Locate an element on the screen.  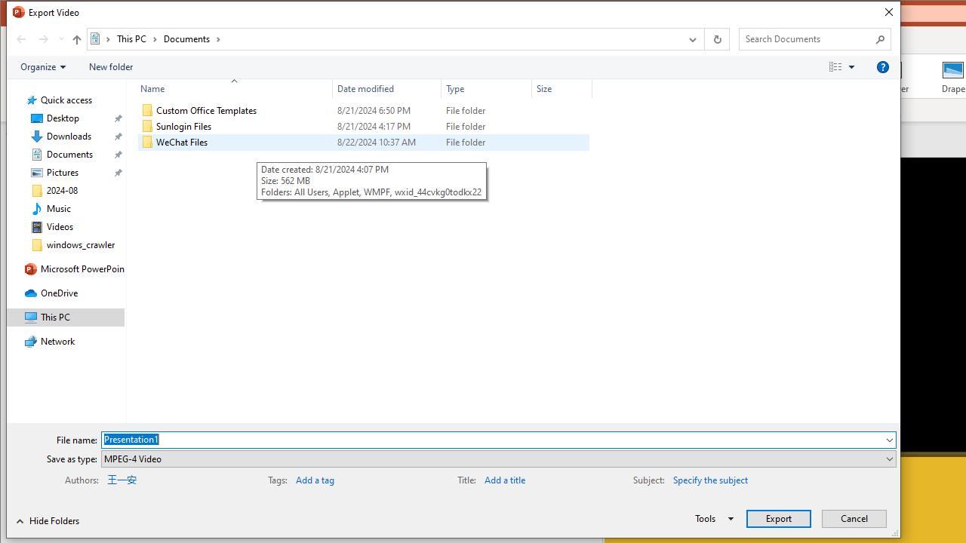
'Type' is located at coordinates (487, 88).